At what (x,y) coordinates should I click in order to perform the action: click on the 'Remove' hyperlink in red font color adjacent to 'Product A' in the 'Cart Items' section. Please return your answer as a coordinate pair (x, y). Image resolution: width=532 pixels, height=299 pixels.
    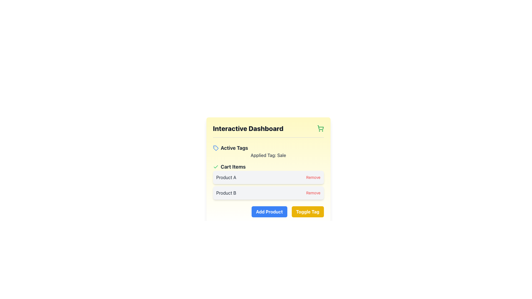
    Looking at the image, I should click on (313, 177).